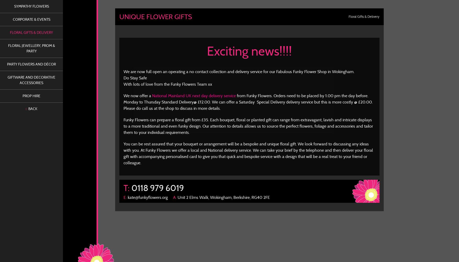  What do you see at coordinates (31, 64) in the screenshot?
I see `'Party Flowers and Décor'` at bounding box center [31, 64].